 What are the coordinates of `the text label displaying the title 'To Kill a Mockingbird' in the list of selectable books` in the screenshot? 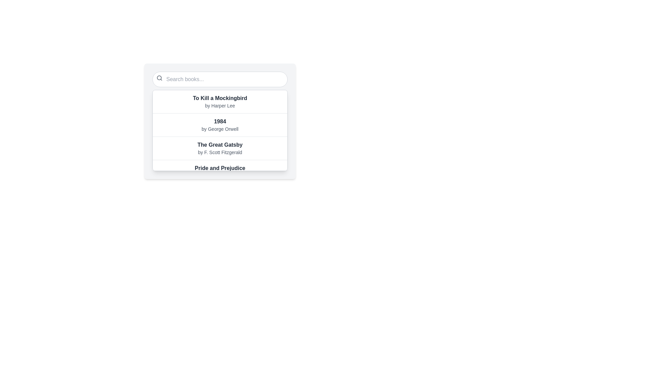 It's located at (220, 98).